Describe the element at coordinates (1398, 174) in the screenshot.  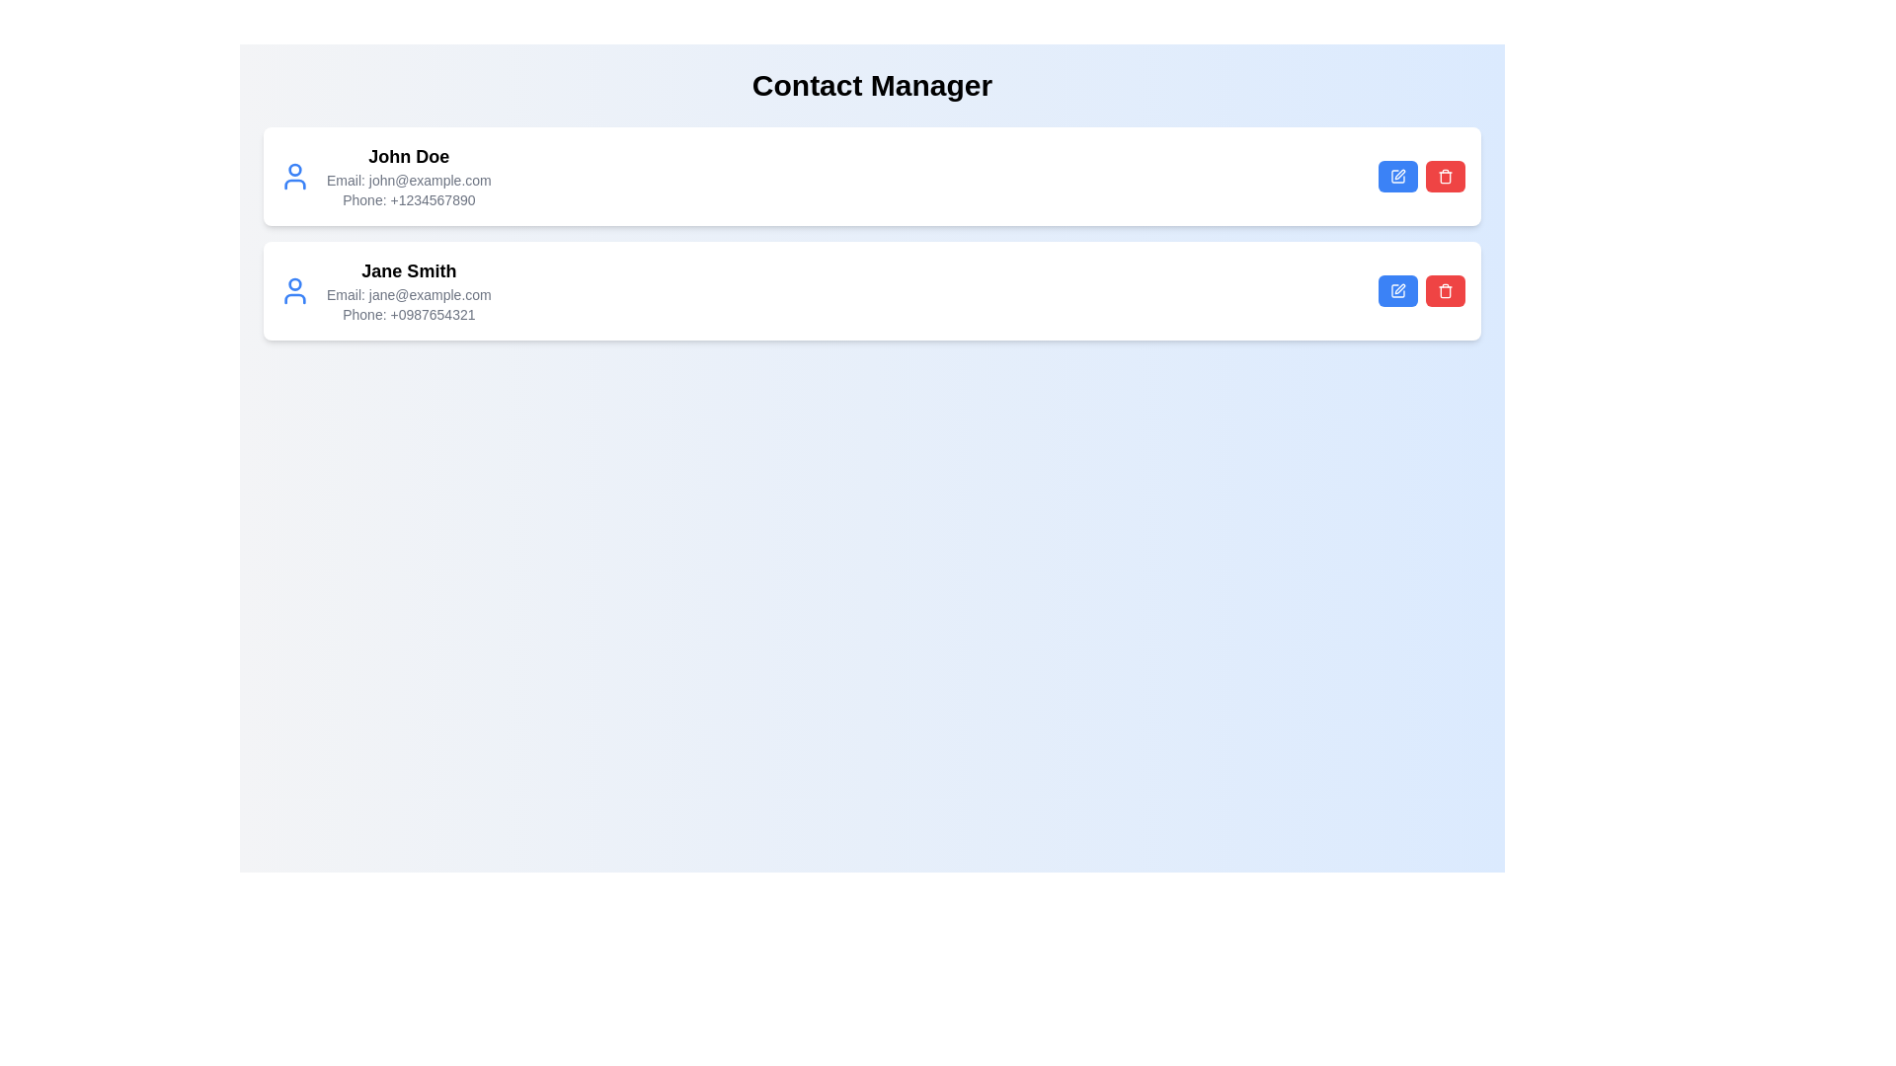
I see `the edit icon, which is a small blue pen graphic located in the top right corner of the first contact information card, embedded within a blue circular button` at that location.